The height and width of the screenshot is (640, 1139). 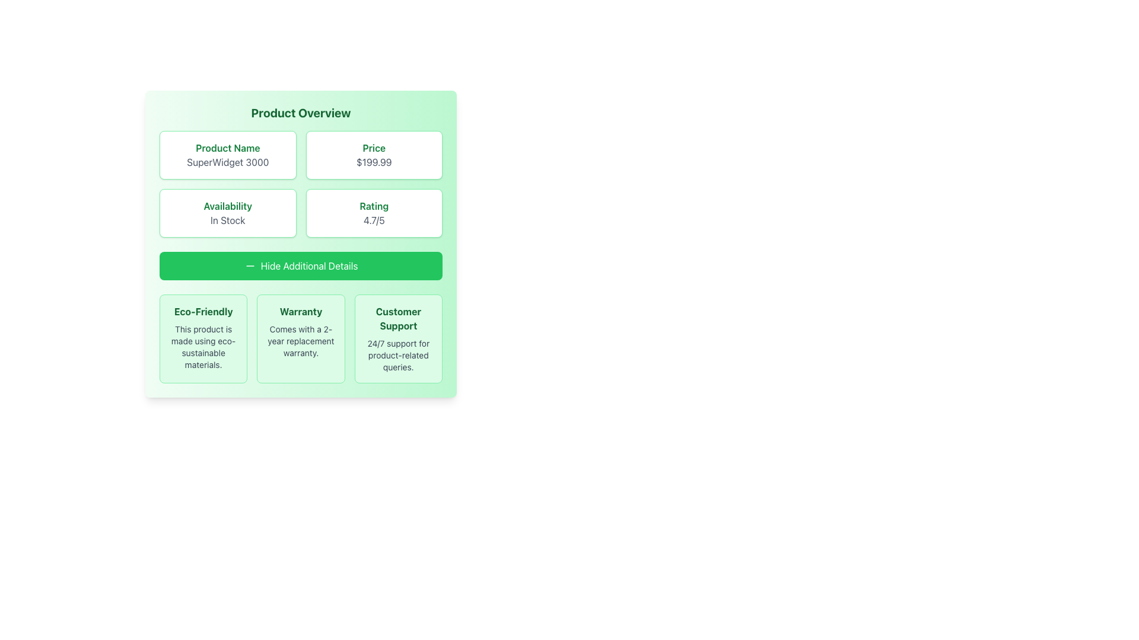 I want to click on the bold green text label that displays 'Rating', which is positioned in the center-right portion of a card layout above another label showing '4.7/5', so click(x=373, y=205).